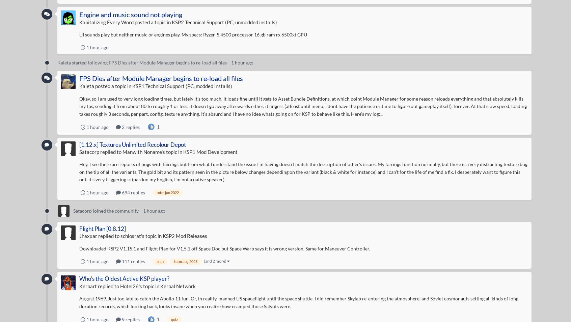  What do you see at coordinates (106, 21) in the screenshot?
I see `'Kapitalizing Every Word'` at bounding box center [106, 21].